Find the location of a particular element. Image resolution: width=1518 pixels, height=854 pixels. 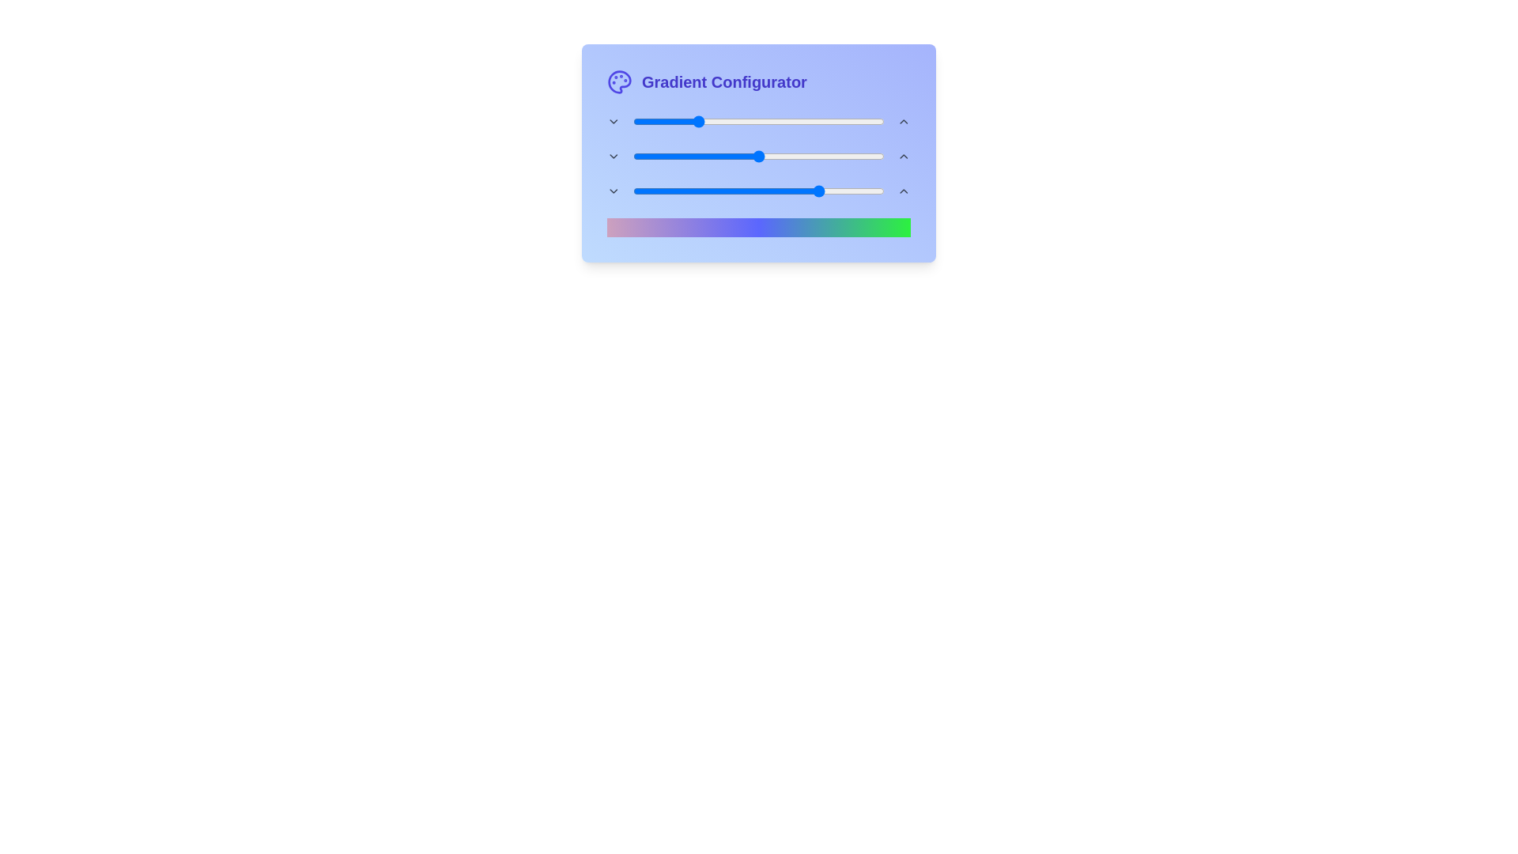

the mid gradient slider to 91 percent is located at coordinates (861, 156).